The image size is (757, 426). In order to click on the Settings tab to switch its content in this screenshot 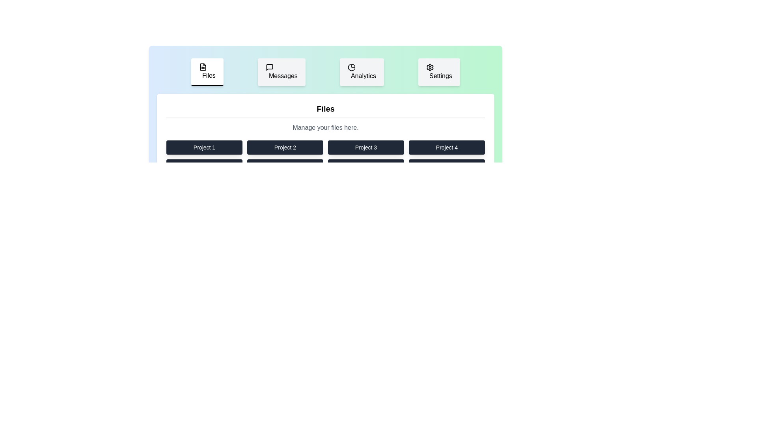, I will do `click(438, 72)`.